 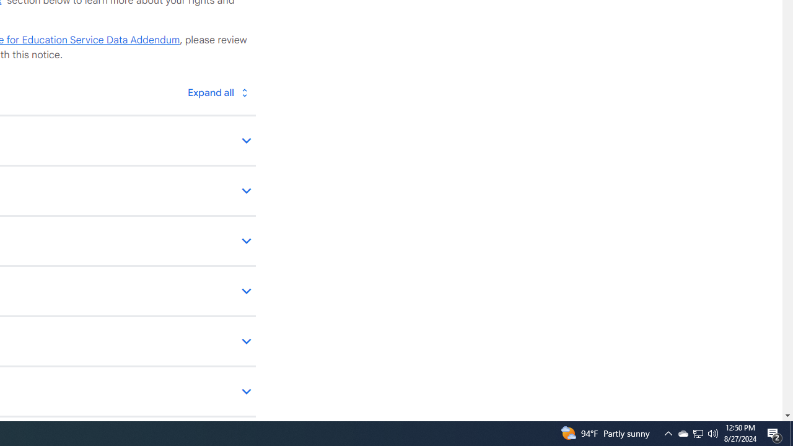 I want to click on 'Toggle all', so click(x=217, y=92).